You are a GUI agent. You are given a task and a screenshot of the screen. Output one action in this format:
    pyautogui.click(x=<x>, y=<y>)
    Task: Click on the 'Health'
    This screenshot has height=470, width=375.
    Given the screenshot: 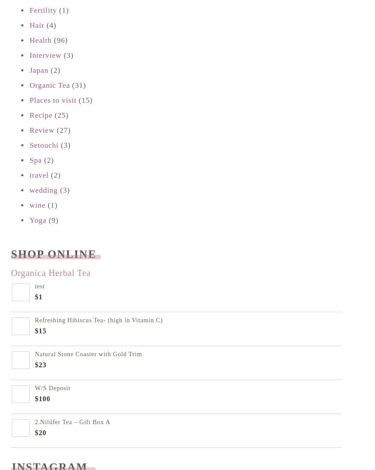 What is the action you would take?
    pyautogui.click(x=40, y=40)
    